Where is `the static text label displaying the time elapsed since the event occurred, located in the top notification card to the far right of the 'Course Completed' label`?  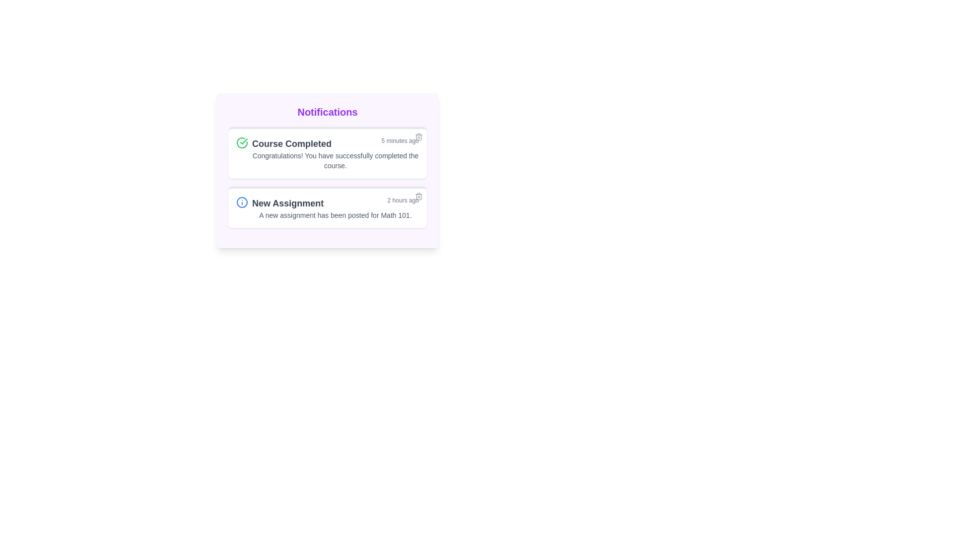 the static text label displaying the time elapsed since the event occurred, located in the top notification card to the far right of the 'Course Completed' label is located at coordinates (400, 143).